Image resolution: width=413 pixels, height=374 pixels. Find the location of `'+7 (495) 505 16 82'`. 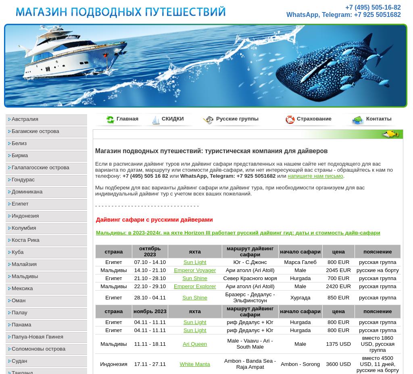

'+7 (495) 505 16 82' is located at coordinates (145, 176).